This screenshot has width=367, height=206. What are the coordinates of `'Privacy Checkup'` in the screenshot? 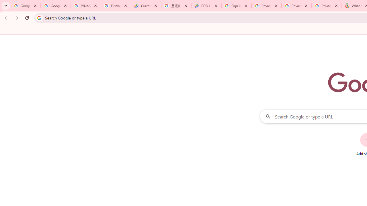 It's located at (296, 6).